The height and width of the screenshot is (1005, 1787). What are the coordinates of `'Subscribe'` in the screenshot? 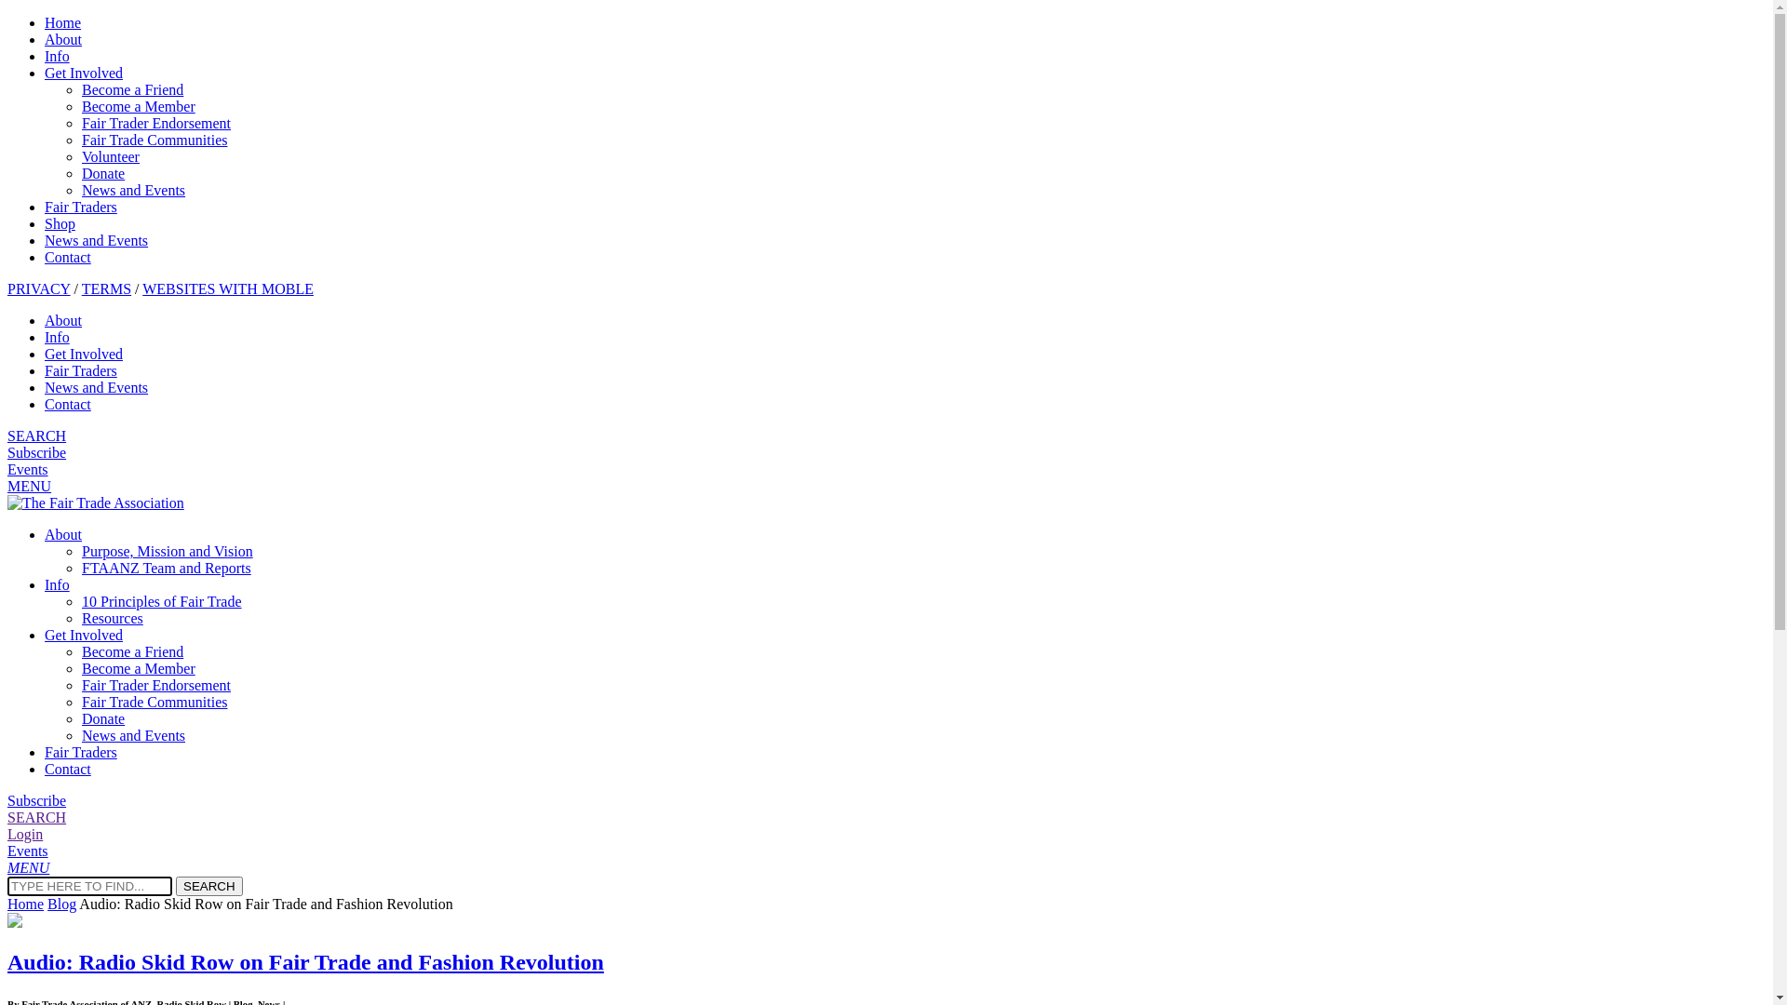 It's located at (36, 799).